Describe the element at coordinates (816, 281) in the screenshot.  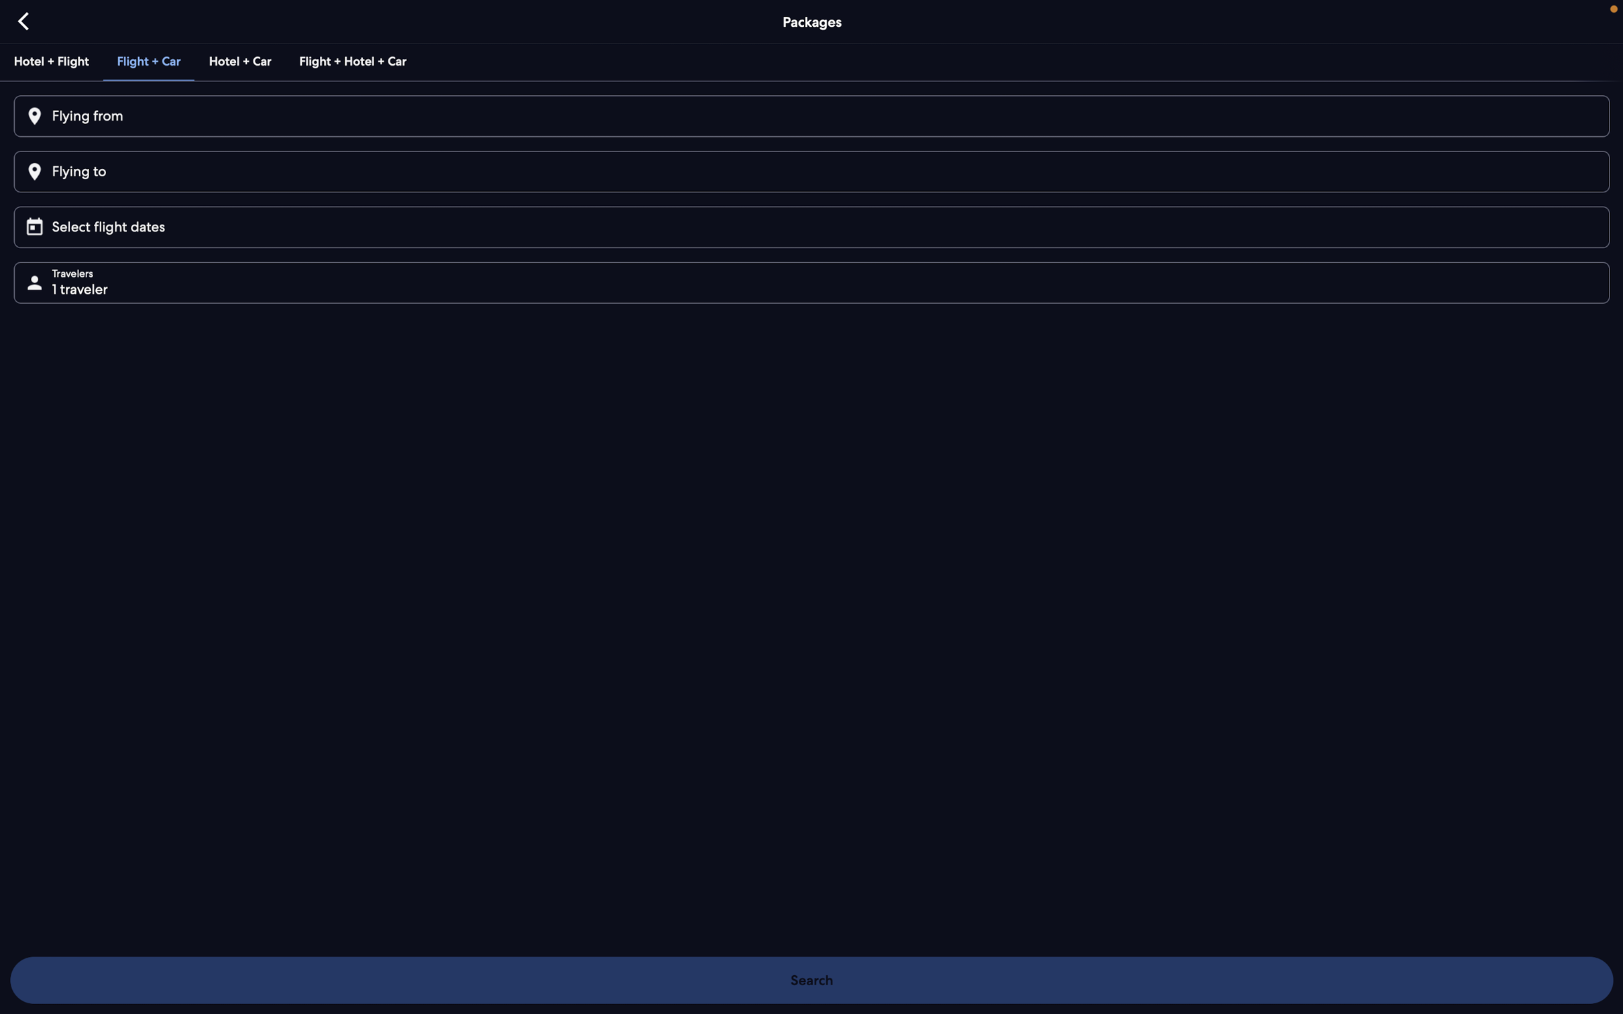
I see `Raise the number of tourists by a pair` at that location.